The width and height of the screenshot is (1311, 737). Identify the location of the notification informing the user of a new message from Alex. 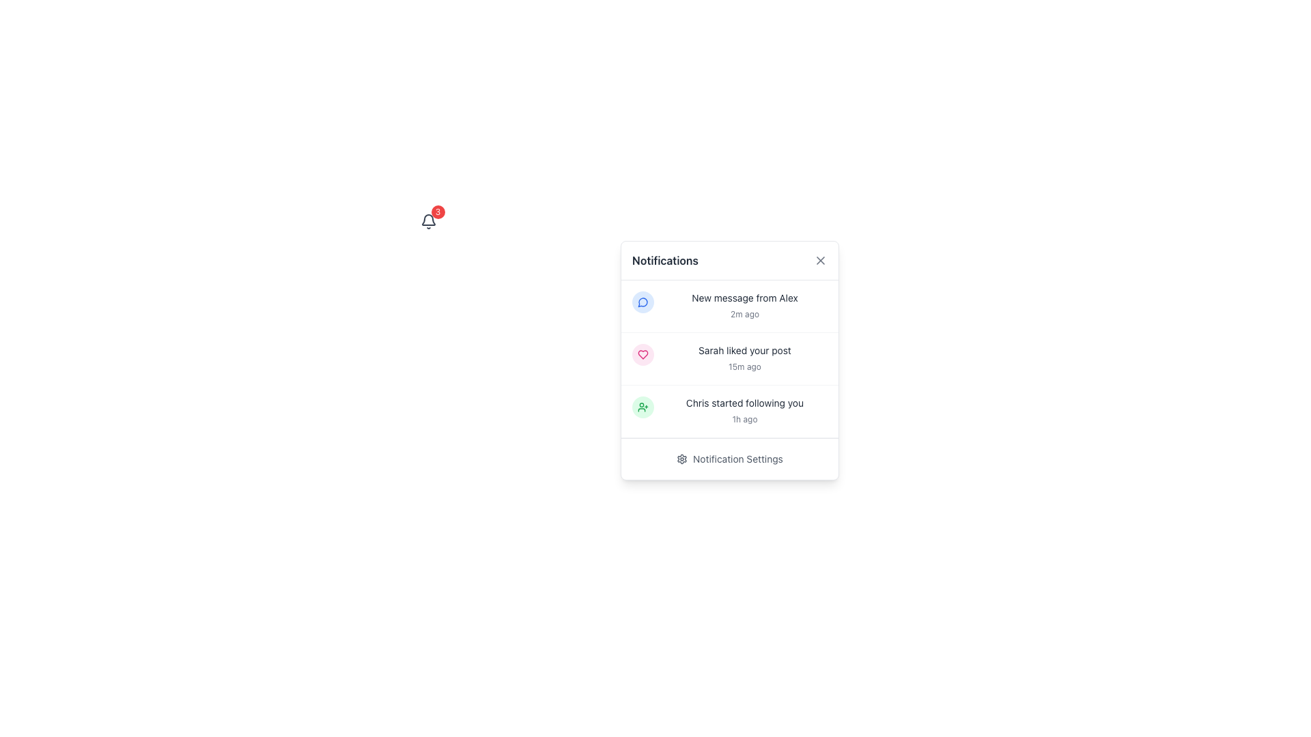
(729, 305).